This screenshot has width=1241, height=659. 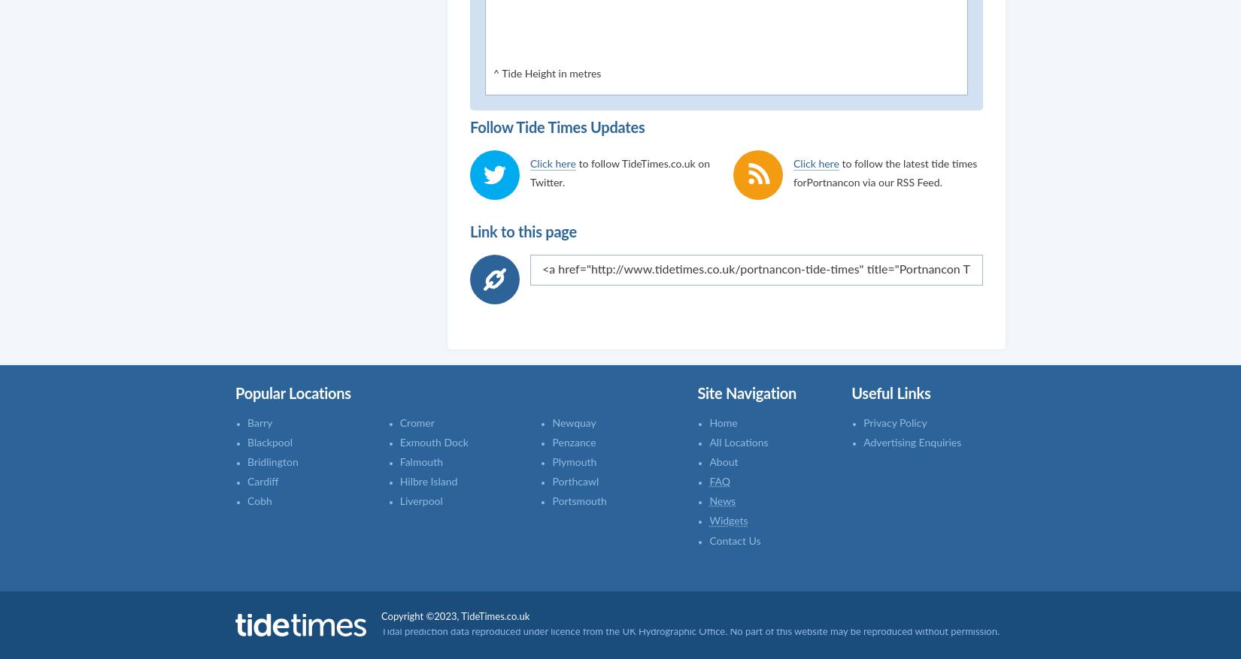 What do you see at coordinates (723, 461) in the screenshot?
I see `'About'` at bounding box center [723, 461].